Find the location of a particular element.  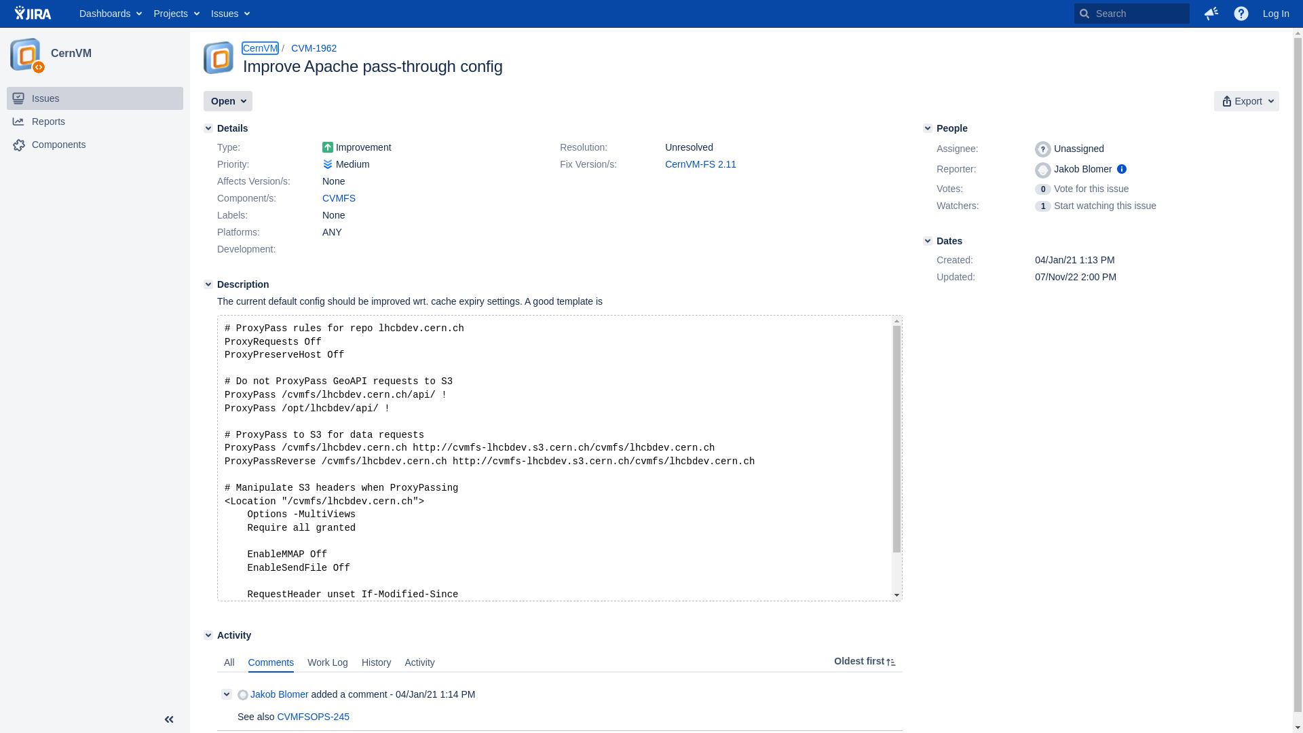

'Comments' is located at coordinates (271, 661).